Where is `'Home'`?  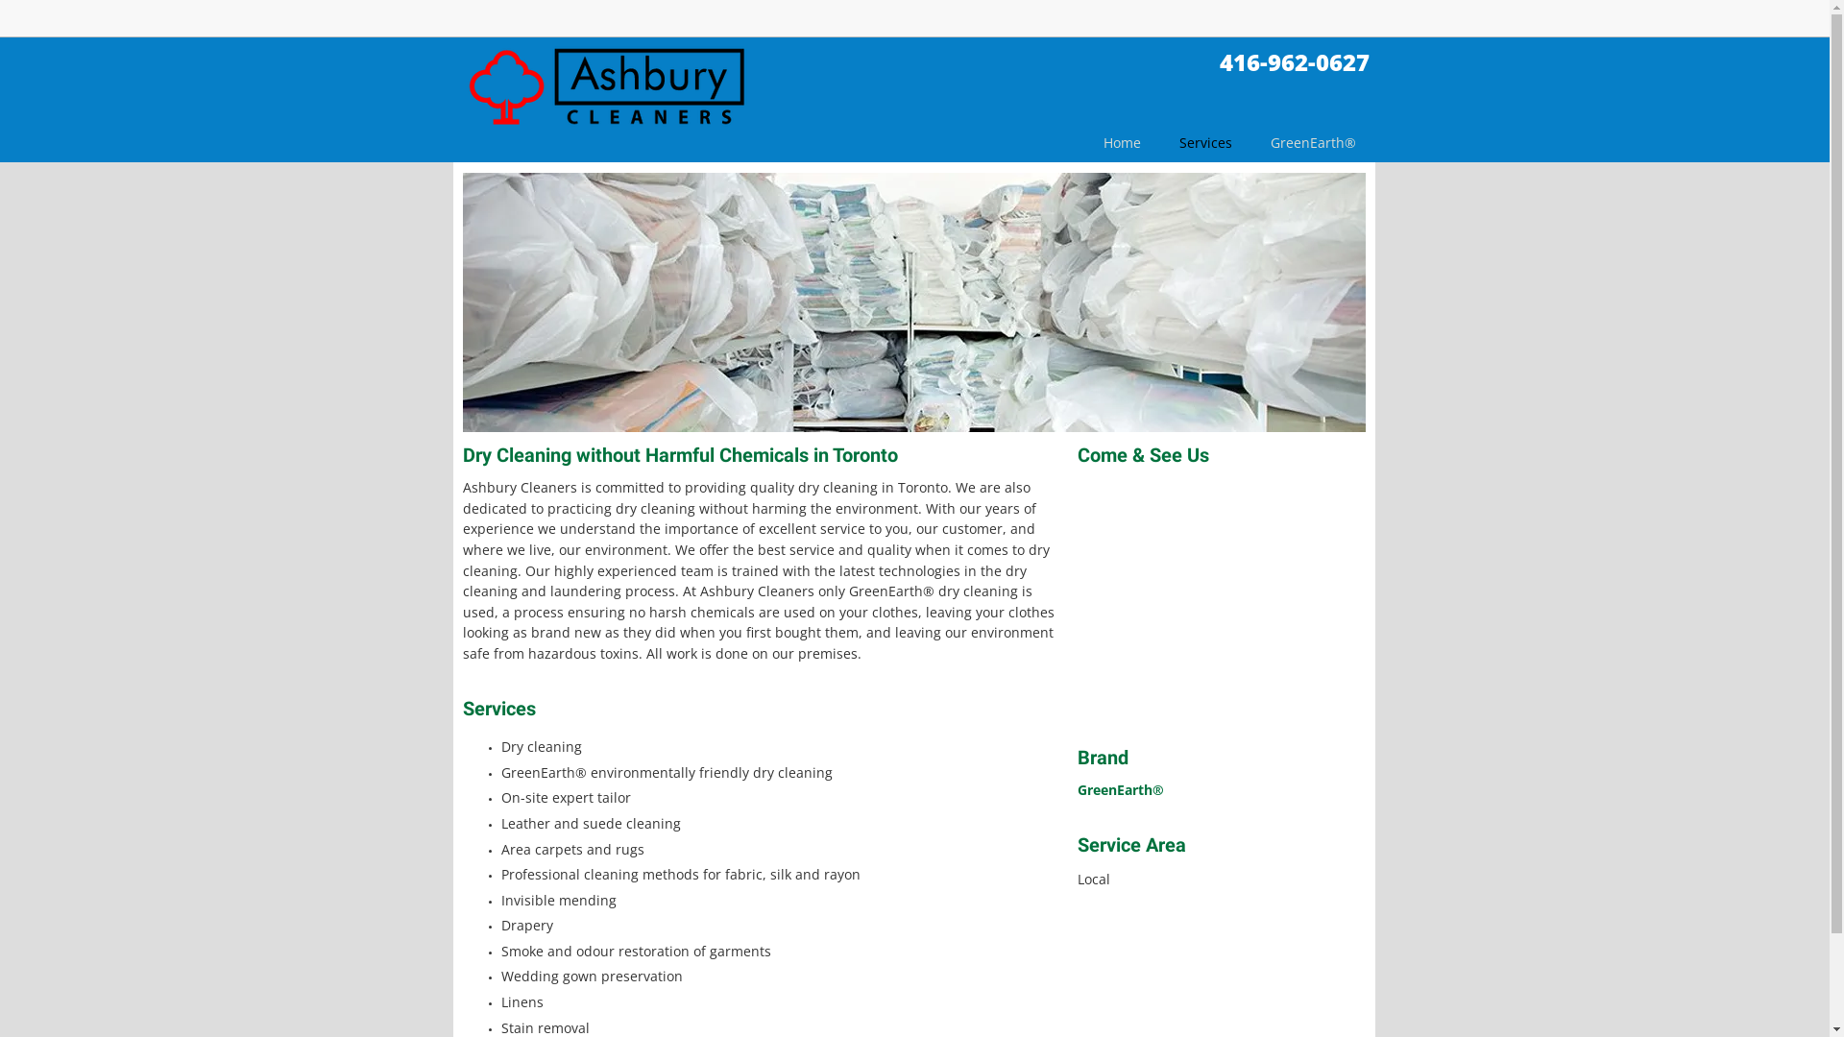
'Home' is located at coordinates (1083, 147).